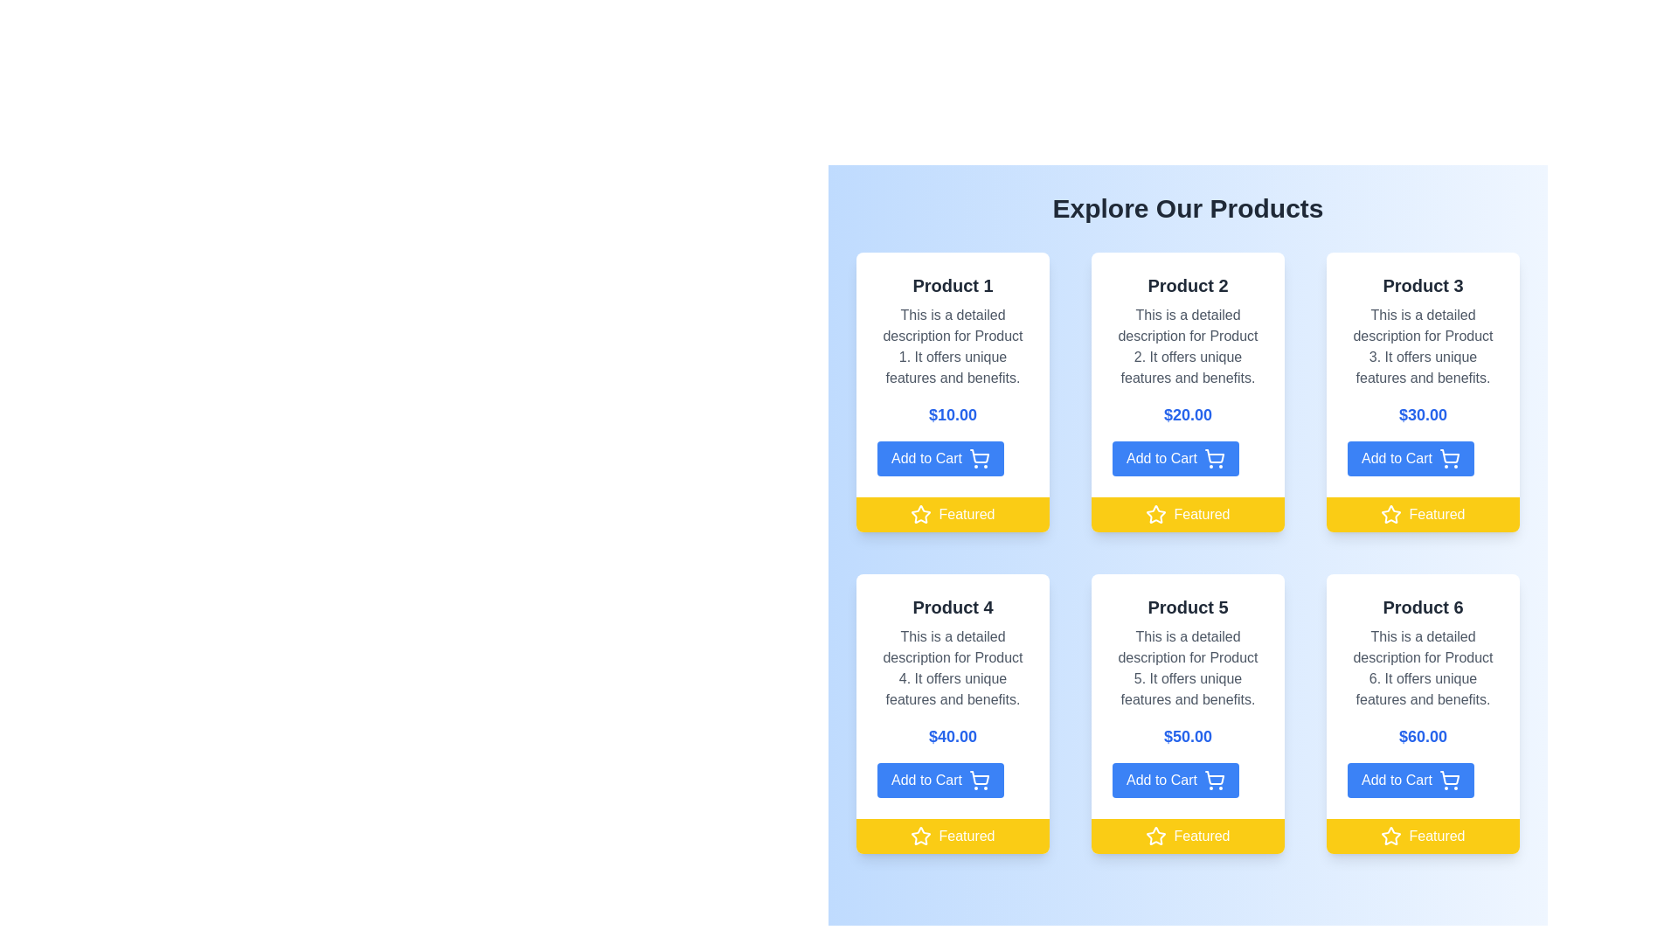 The image size is (1678, 944). What do you see at coordinates (1213, 457) in the screenshot?
I see `the cart icon within the 'Add to Cart' button located in the second product card labeled 'Product 2' in the second column of the top row of the grid layout` at bounding box center [1213, 457].